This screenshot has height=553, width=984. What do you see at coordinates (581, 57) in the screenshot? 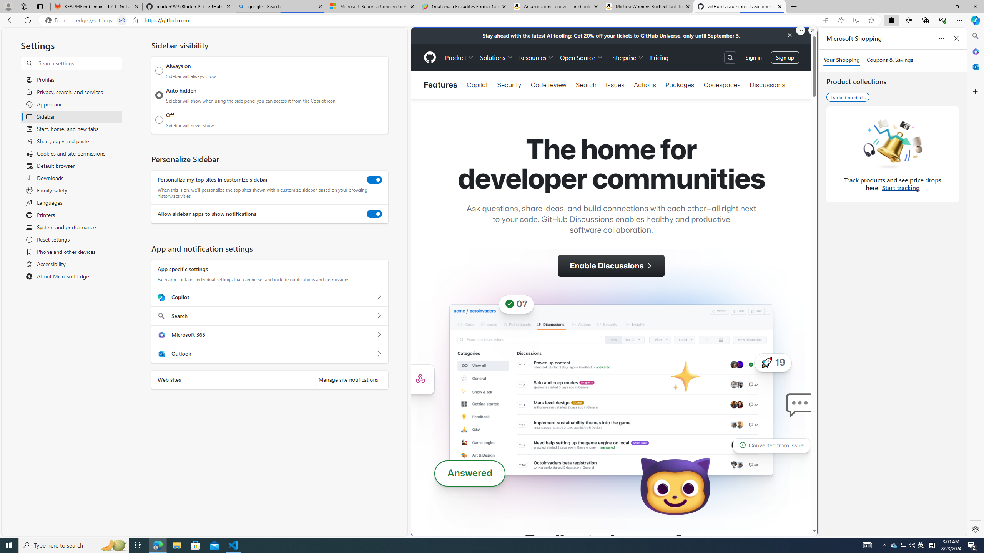
I see `'Open Source'` at bounding box center [581, 57].